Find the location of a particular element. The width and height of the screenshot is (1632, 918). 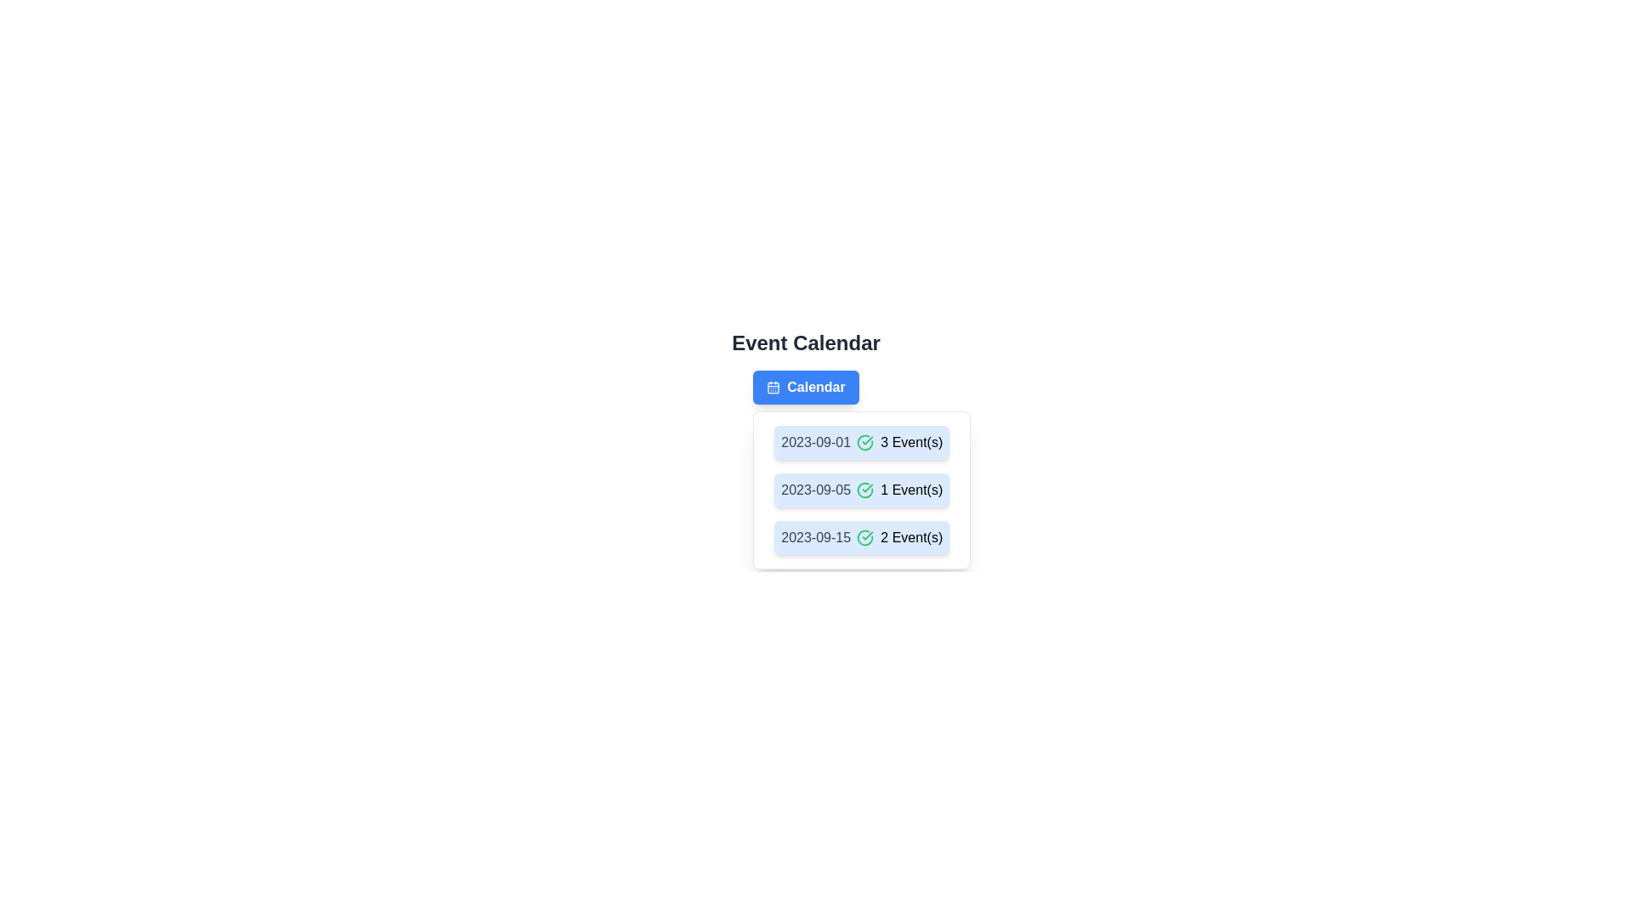

the text with icon displaying the number of events associated with the date '2023-09-05', which is located on the second row of the event calendar list is located at coordinates (898, 490).